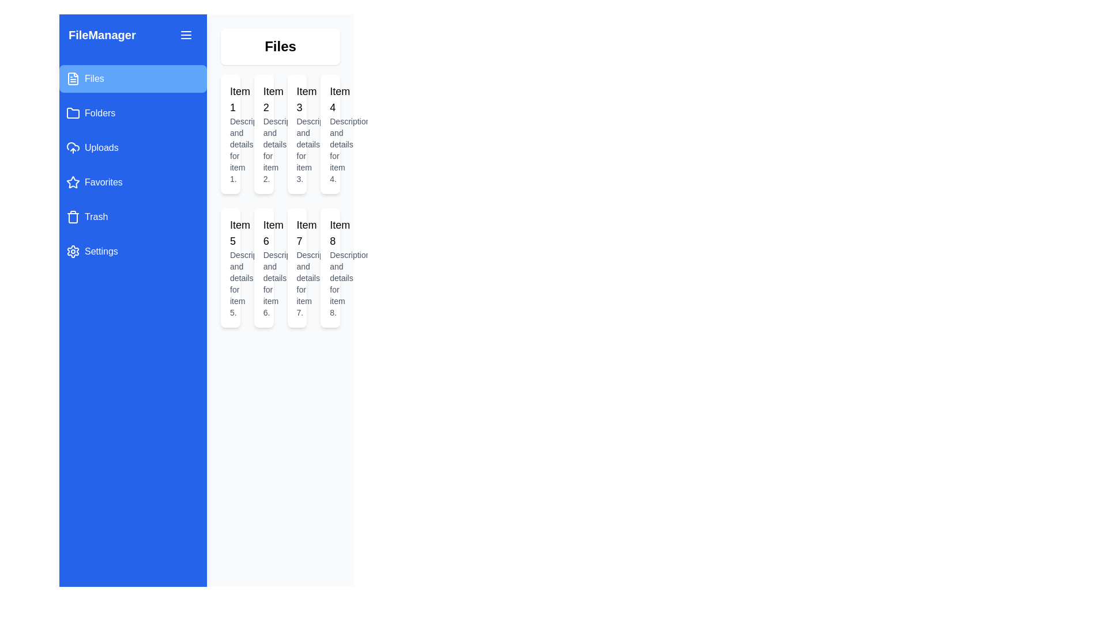 The width and height of the screenshot is (1107, 622). What do you see at coordinates (230, 150) in the screenshot?
I see `the Text label that provides additional information about 'Item 1', positioned below the title 'Item 1' within the first card of the grid layout in the 'Files' section` at bounding box center [230, 150].